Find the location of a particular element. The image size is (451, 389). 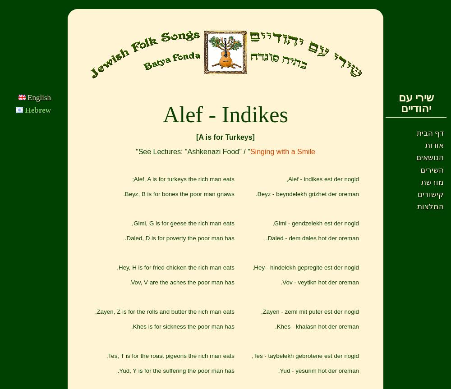

'Giml - gendzelekh est der nogid,' is located at coordinates (315, 223).